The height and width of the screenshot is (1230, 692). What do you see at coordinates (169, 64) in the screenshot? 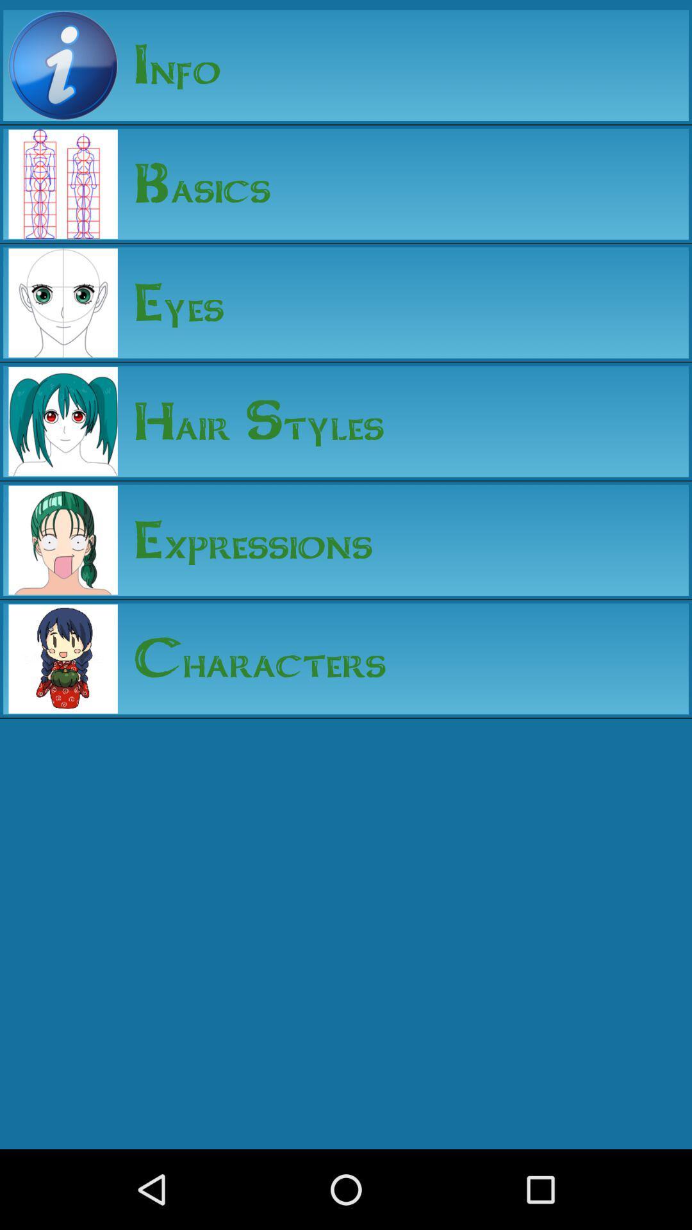
I see `the info` at bounding box center [169, 64].